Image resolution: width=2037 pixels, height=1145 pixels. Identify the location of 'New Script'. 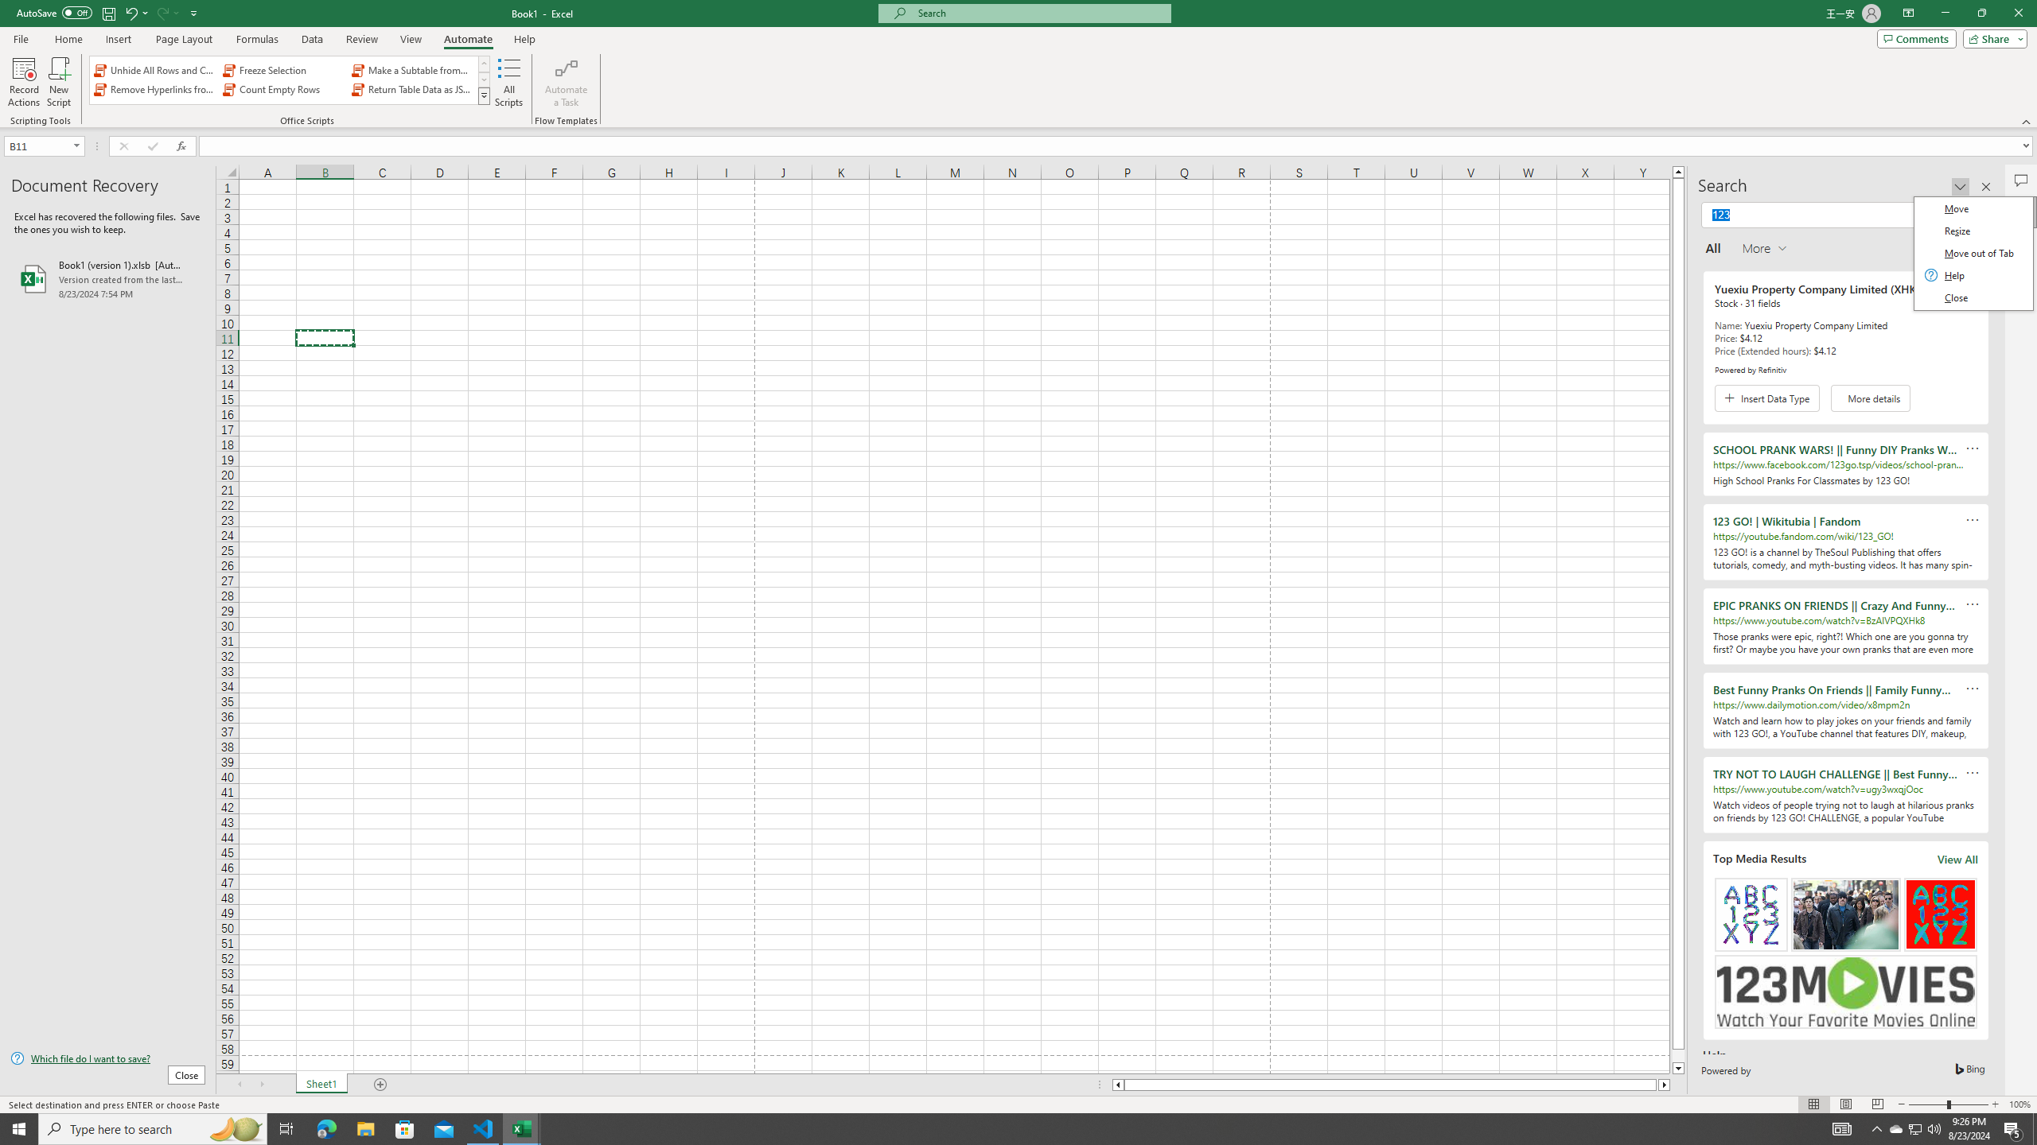
(58, 82).